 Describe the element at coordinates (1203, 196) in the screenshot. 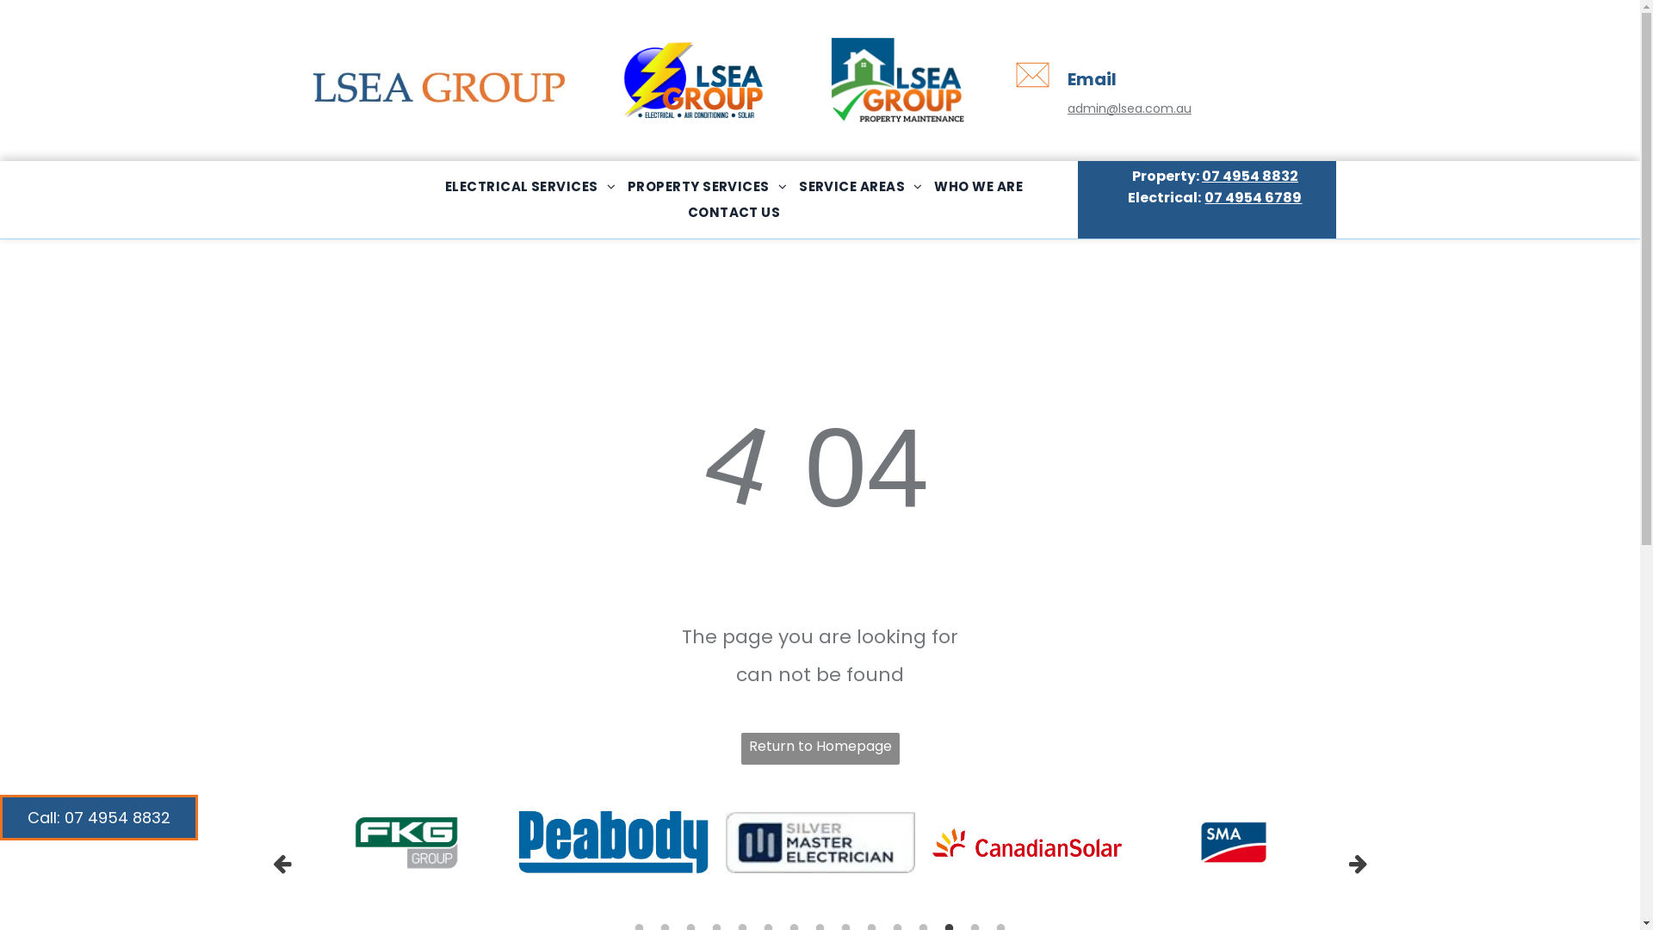

I see `'07 4954 6789'` at that location.